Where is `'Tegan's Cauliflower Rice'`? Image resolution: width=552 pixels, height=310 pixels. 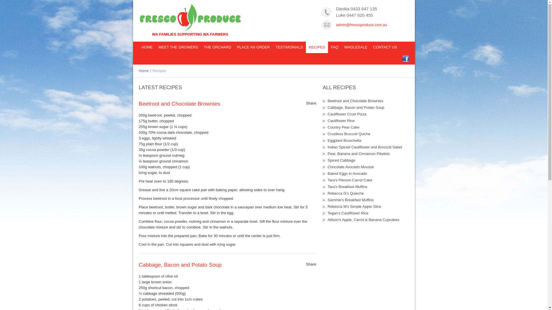
'Tegan's Cauliflower Rice' is located at coordinates (348, 213).